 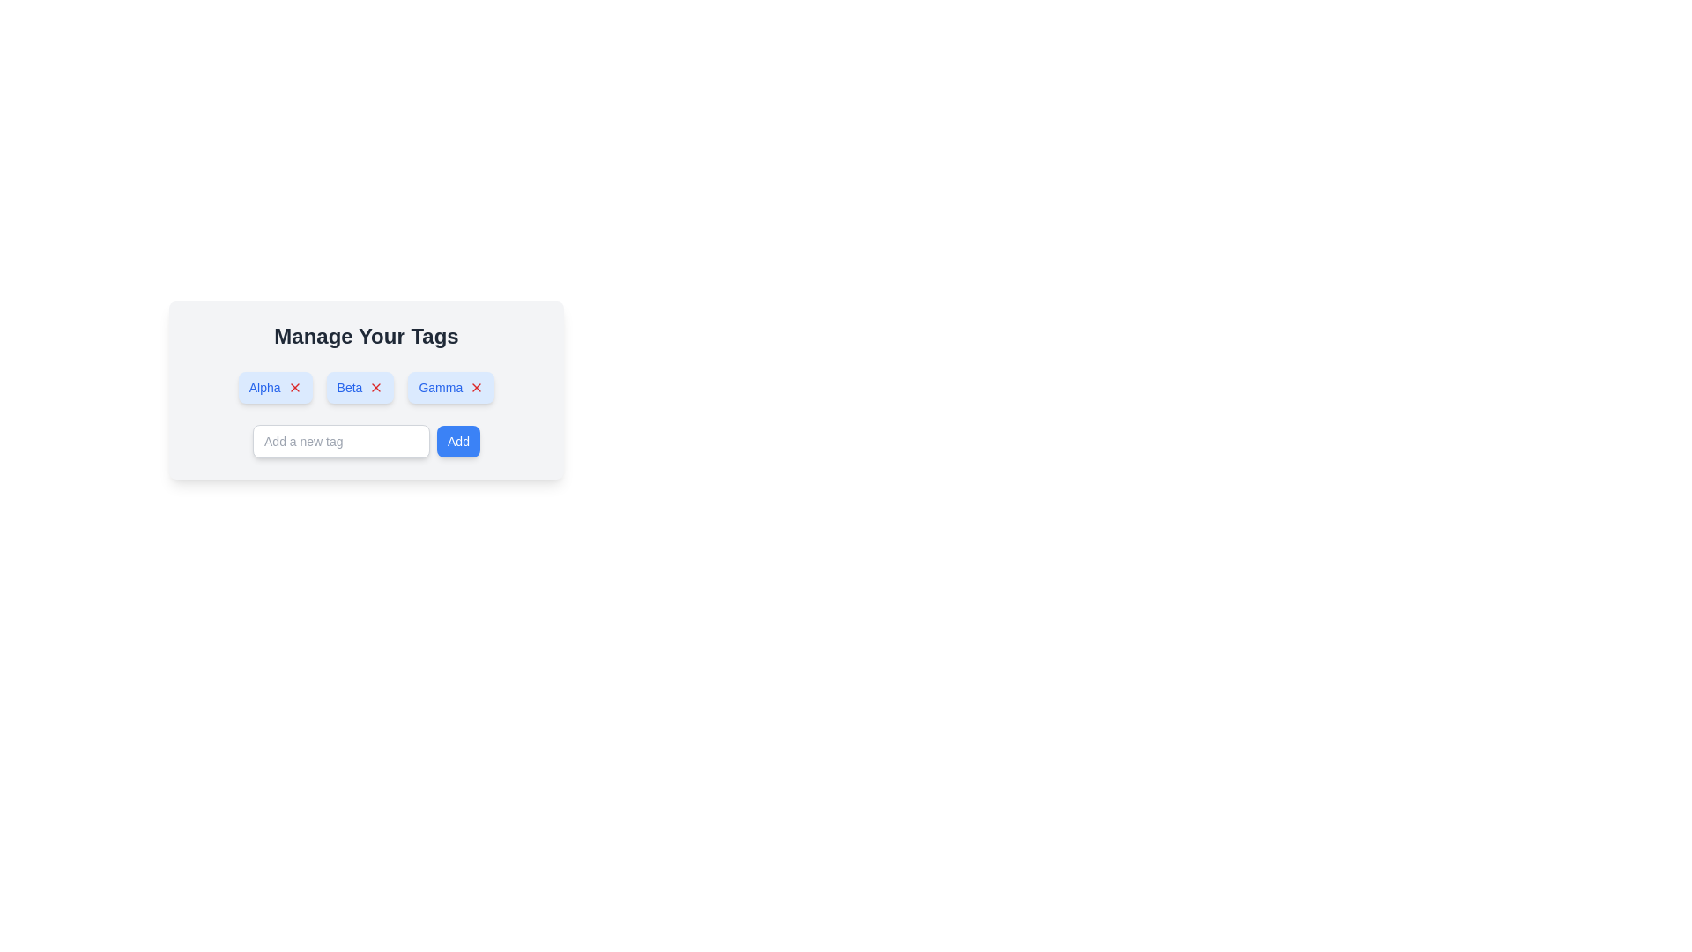 What do you see at coordinates (366, 390) in the screenshot?
I see `the 'Beta' button, which is the second button` at bounding box center [366, 390].